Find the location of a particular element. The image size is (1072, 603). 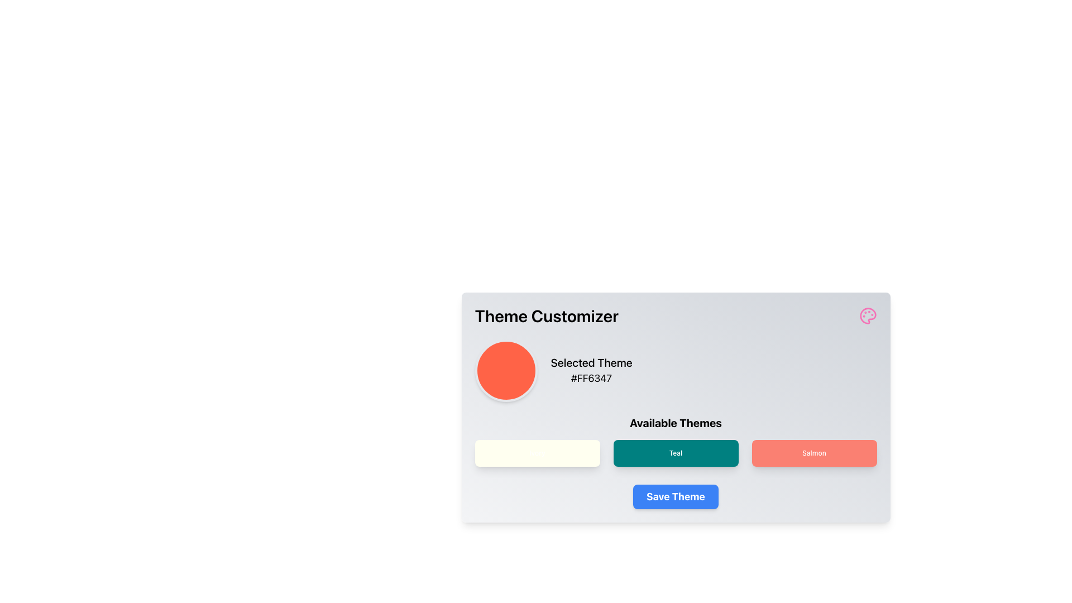

the 'Save Theme' button, which is a rectangular button with a blue background and white text, located in the 'Theme Customizer' modal section is located at coordinates (675, 496).